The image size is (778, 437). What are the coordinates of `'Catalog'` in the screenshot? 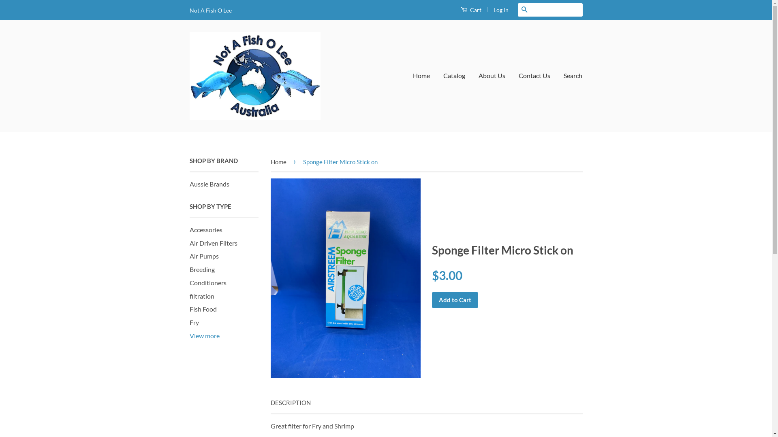 It's located at (454, 76).